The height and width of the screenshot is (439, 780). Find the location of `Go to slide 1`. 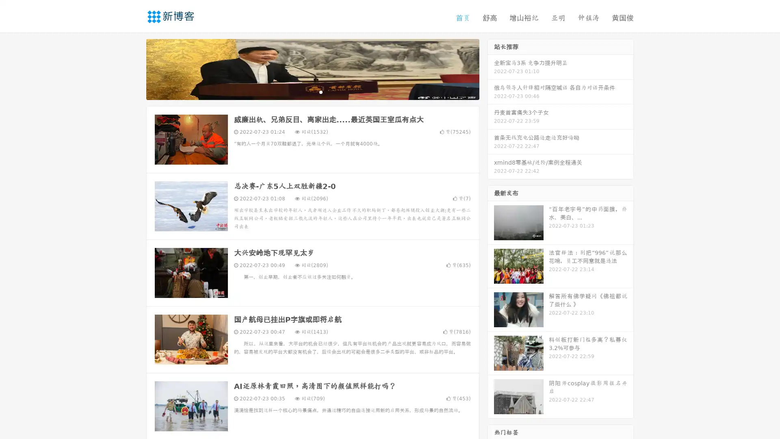

Go to slide 1 is located at coordinates (304, 91).